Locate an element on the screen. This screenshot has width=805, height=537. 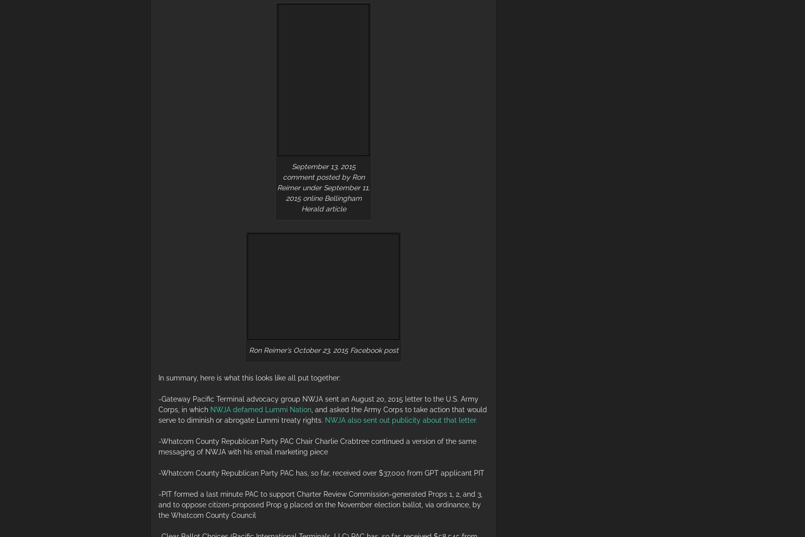
'NWJA also sent out publicity about that letter.' is located at coordinates (401, 419).